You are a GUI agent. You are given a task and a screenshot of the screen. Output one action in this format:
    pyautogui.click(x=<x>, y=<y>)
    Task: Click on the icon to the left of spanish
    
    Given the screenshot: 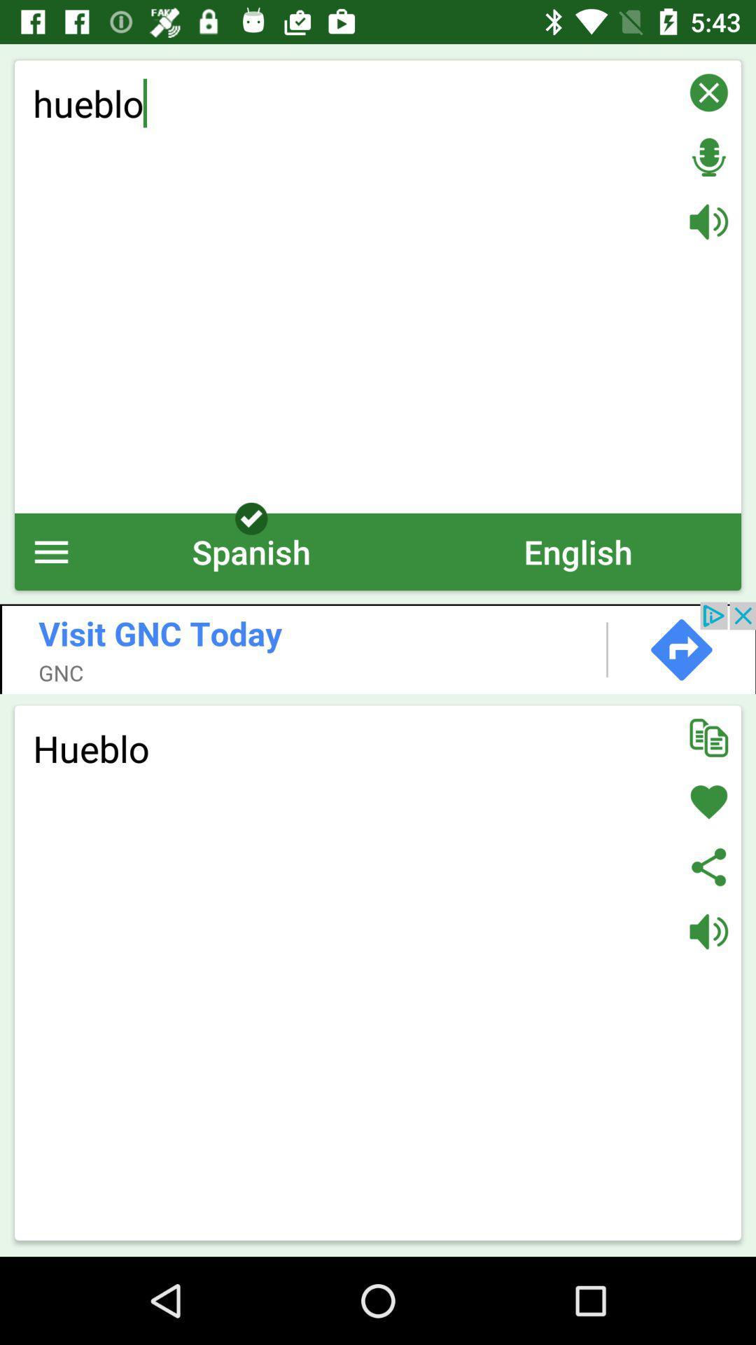 What is the action you would take?
    pyautogui.click(x=50, y=551)
    